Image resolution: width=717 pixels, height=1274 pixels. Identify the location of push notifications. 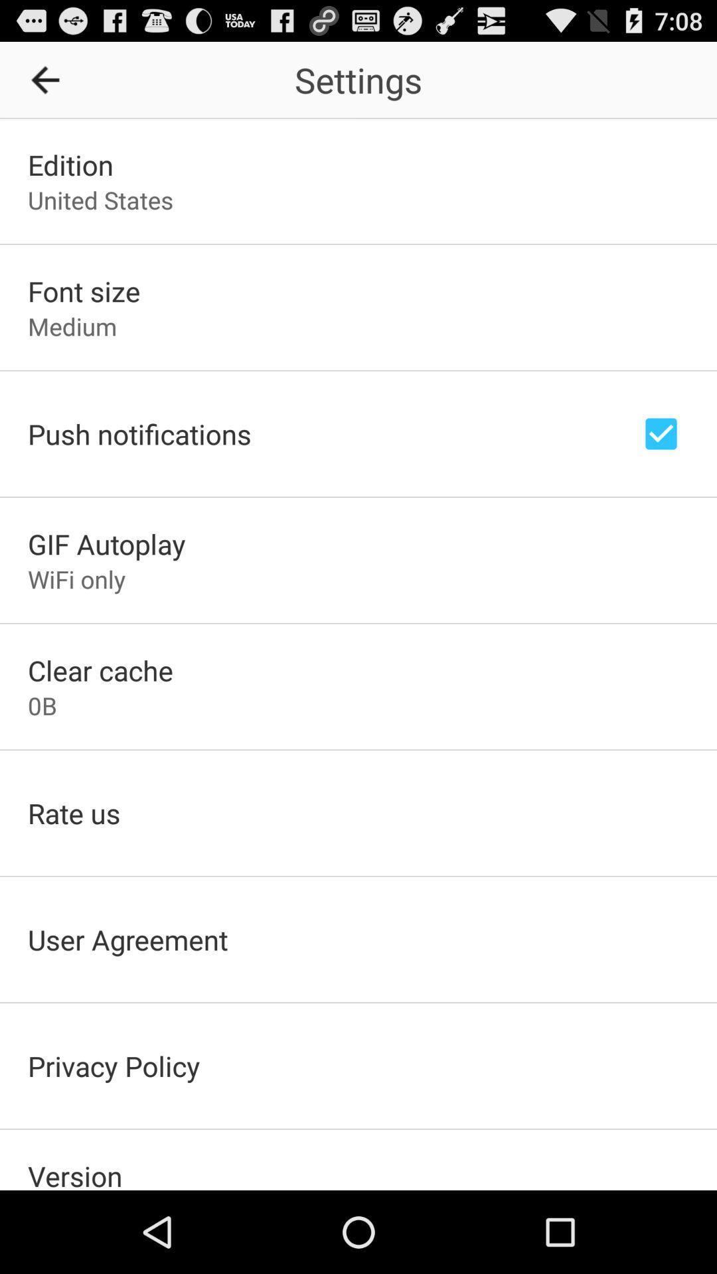
(661, 433).